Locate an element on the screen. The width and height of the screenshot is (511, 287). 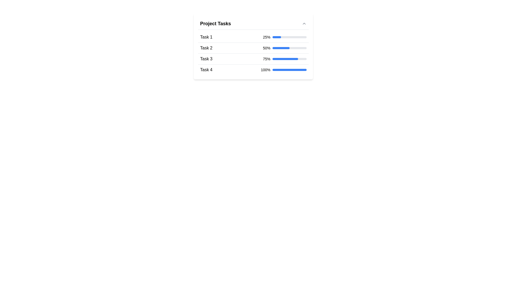
the 'Task 3' text label located in the leftmost part of the third row inside the 'Project Tasks' panel is located at coordinates (206, 59).